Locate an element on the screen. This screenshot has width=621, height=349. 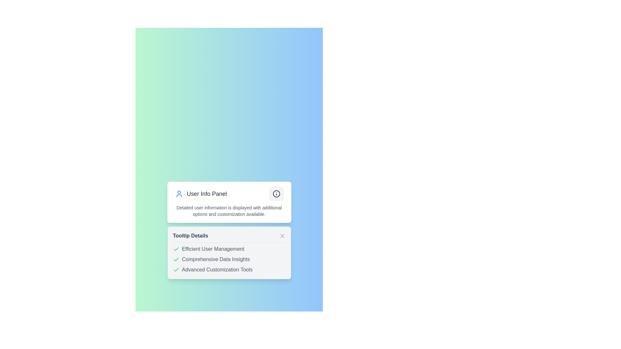
the checkmark icon indicating that 'Comprehensive Data Insights' is active, to interact with its linked functionality is located at coordinates (176, 259).